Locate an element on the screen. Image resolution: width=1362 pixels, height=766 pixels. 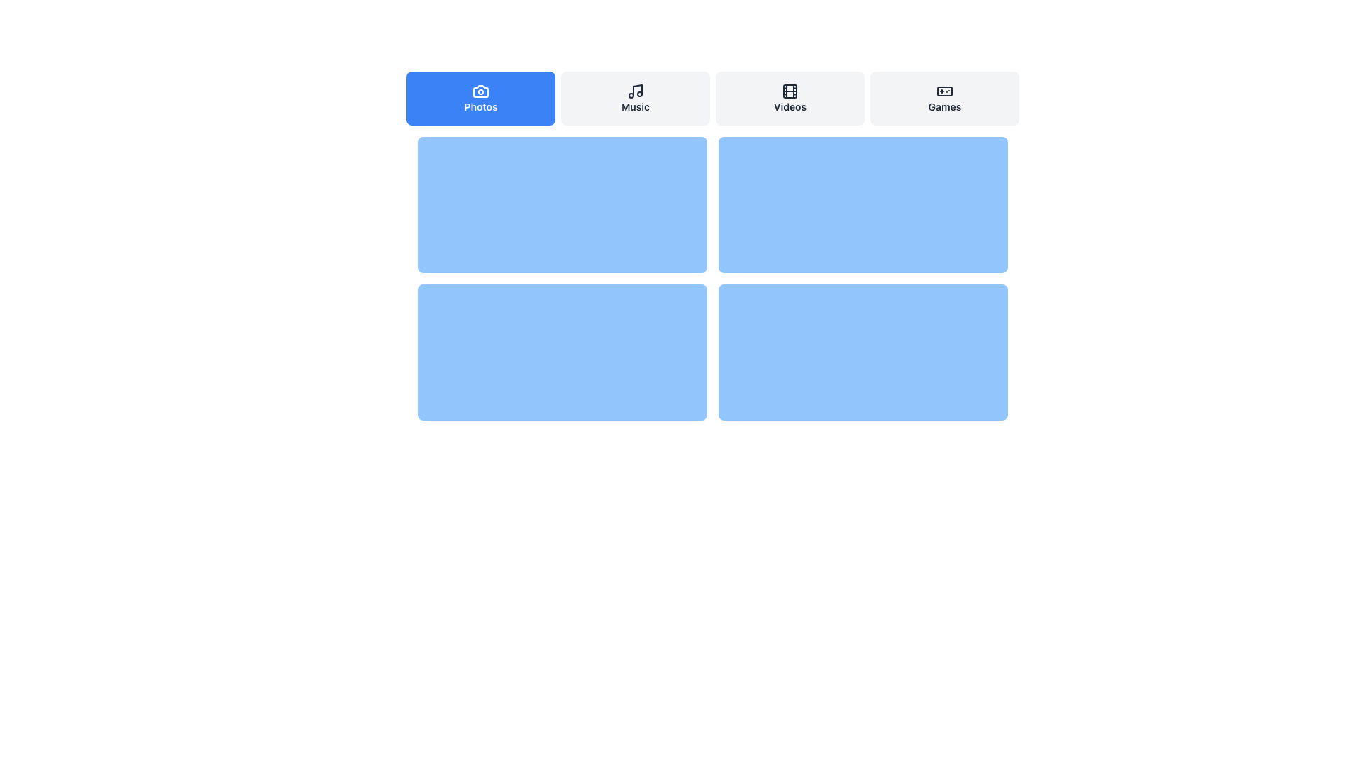
the first button in the horizontal list labeled 'Photos' is located at coordinates (480, 97).